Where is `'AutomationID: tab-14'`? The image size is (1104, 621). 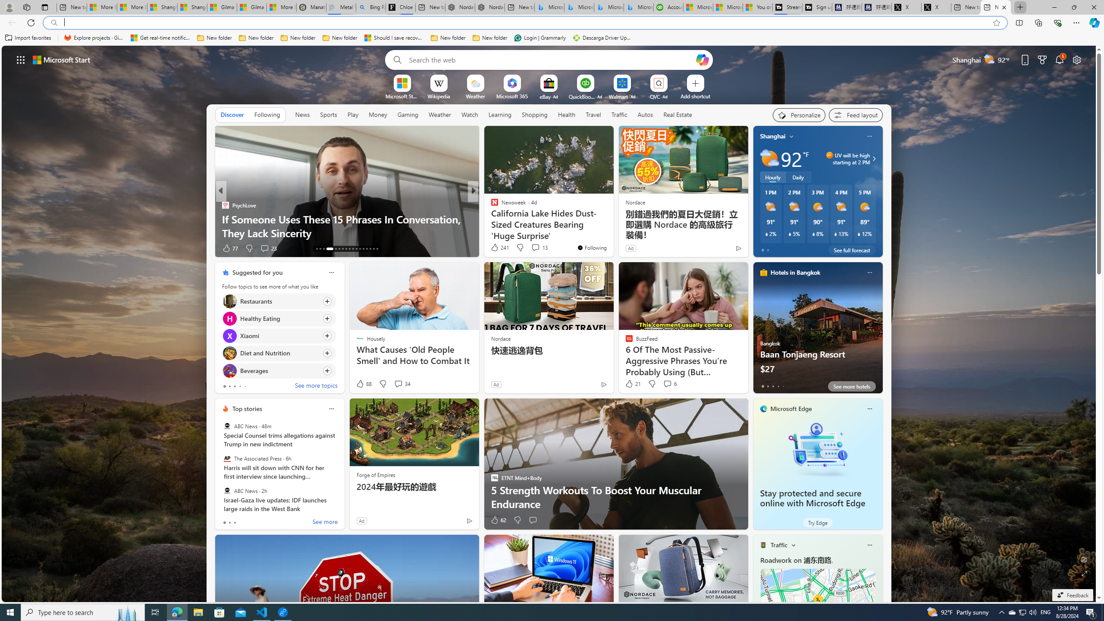
'AutomationID: tab-14' is located at coordinates (320, 249).